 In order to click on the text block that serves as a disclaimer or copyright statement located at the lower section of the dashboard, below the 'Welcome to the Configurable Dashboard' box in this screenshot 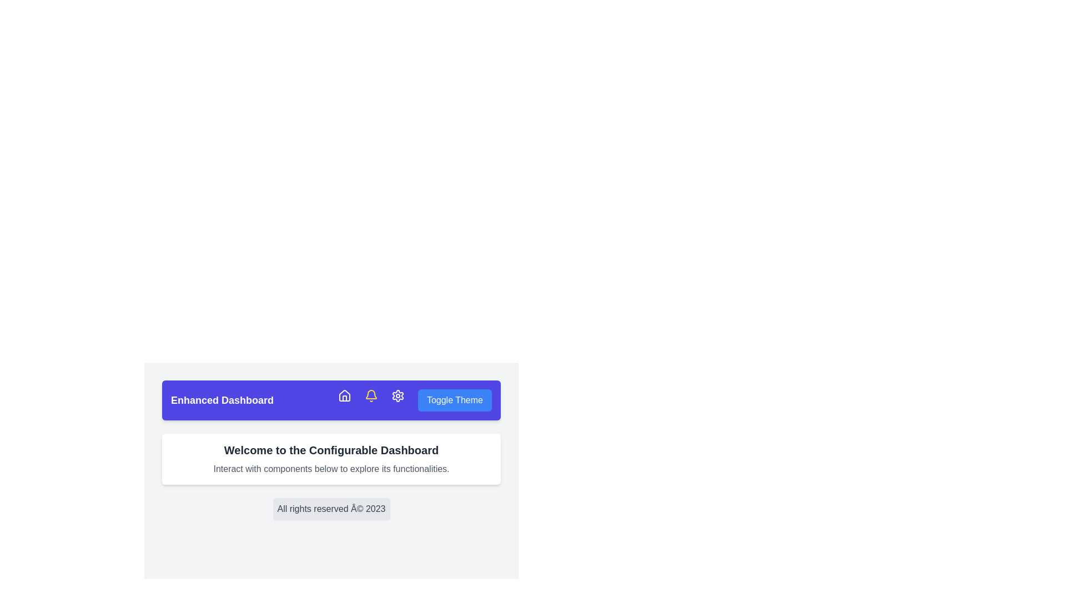, I will do `click(330, 509)`.